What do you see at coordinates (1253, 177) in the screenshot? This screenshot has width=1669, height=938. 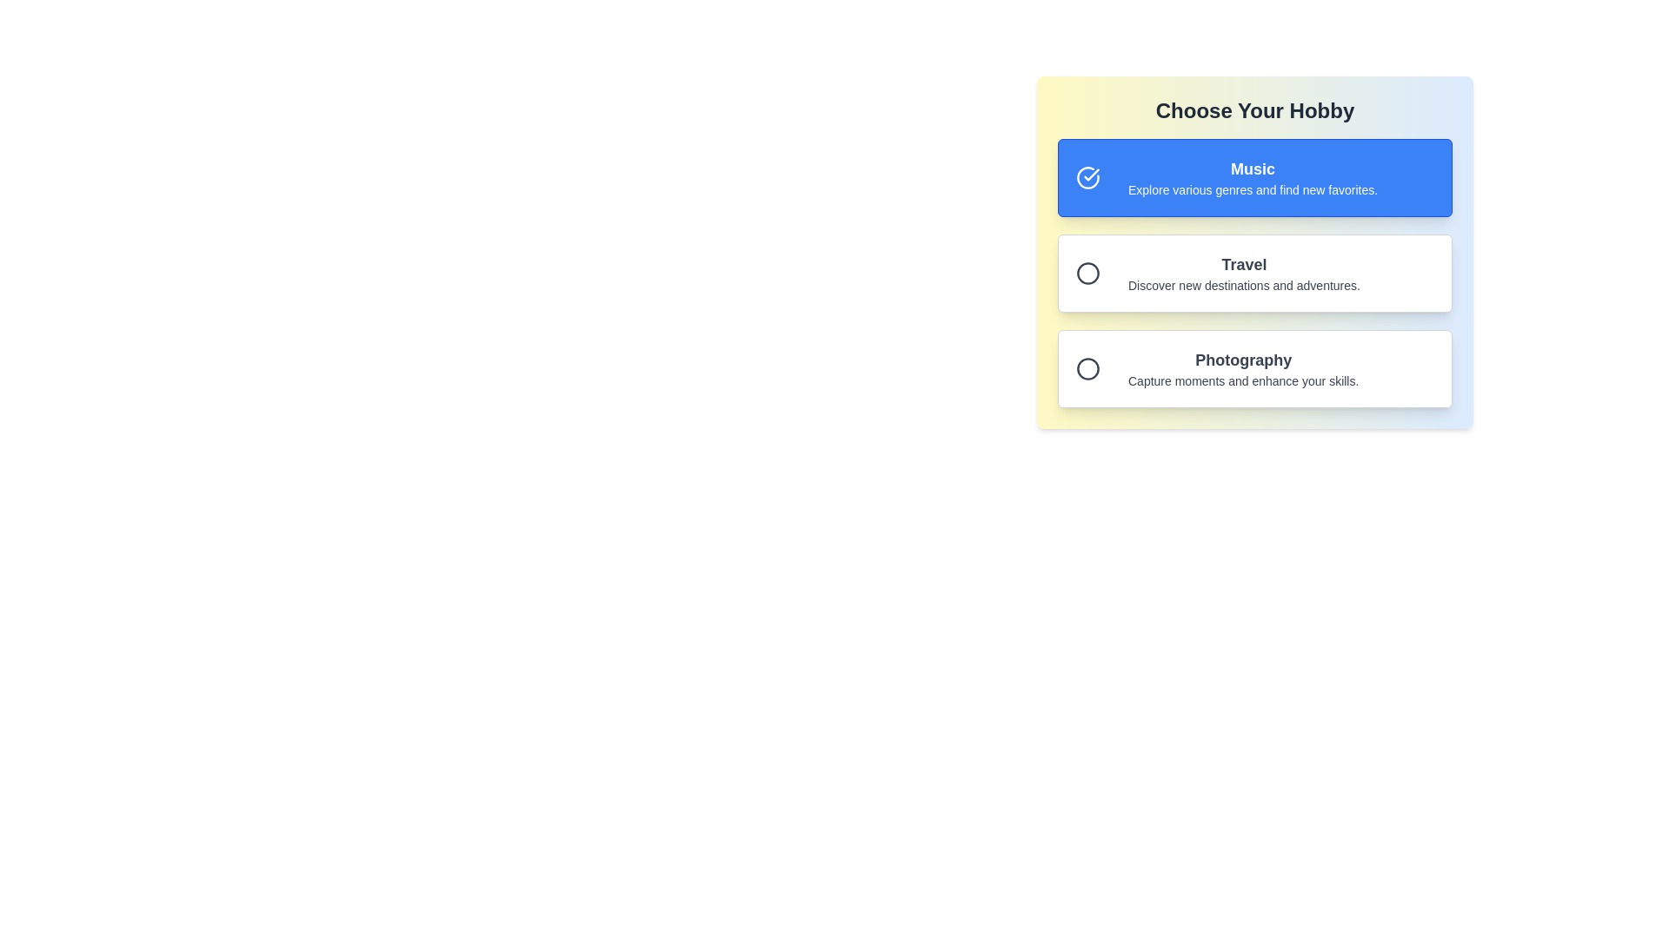 I see `the text block displaying 'Music' with the description 'Explore various genres and find new favorites.' located centrally within the first selection card titled 'Choose Your Hobby.'` at bounding box center [1253, 177].